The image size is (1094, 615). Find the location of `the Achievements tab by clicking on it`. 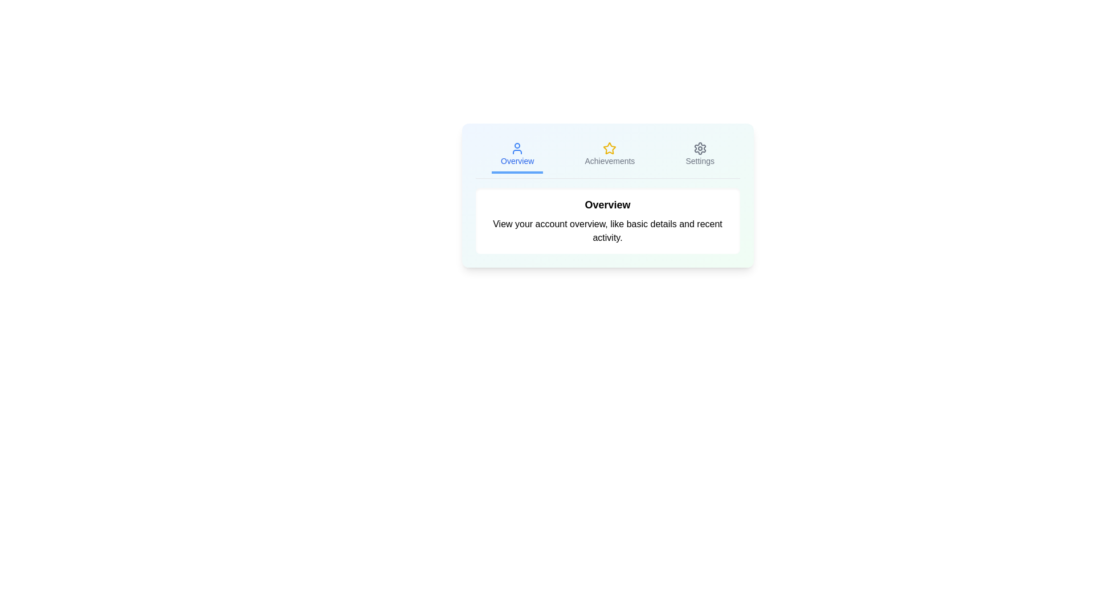

the Achievements tab by clicking on it is located at coordinates (609, 155).